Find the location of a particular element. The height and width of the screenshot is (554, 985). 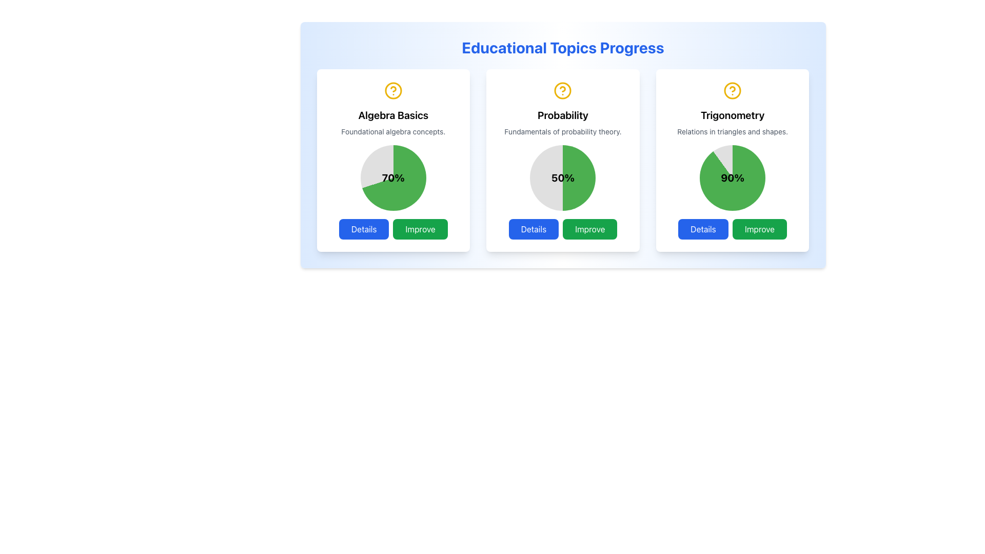

the Circular Progress Indicator displaying '70%' completion within the 'Algebra Basics' card is located at coordinates (392, 177).